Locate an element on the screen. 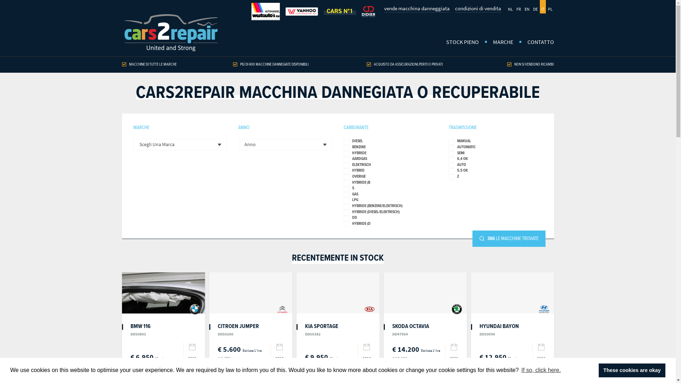 Image resolution: width=681 pixels, height=383 pixels. 'If so, click here.' is located at coordinates (541, 370).